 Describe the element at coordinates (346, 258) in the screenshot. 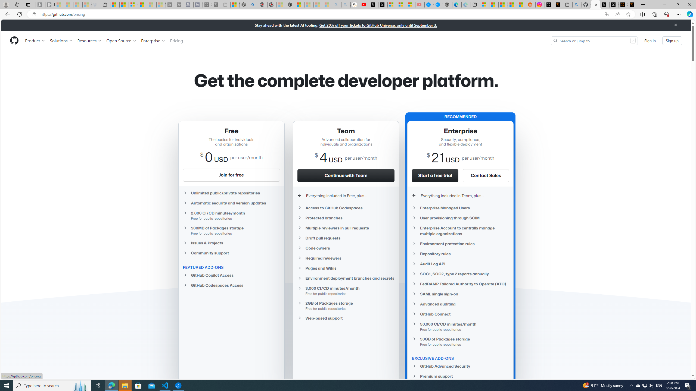

I see `'Required reviewers'` at that location.